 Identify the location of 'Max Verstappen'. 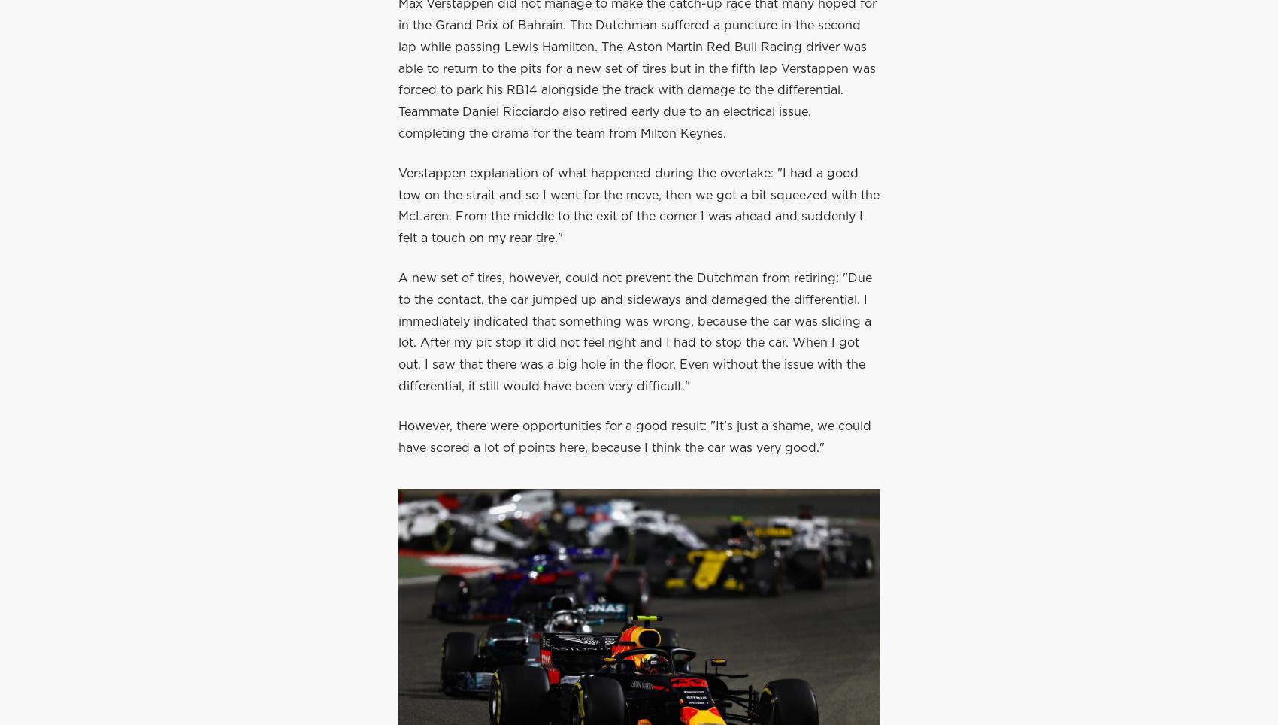
(470, 101).